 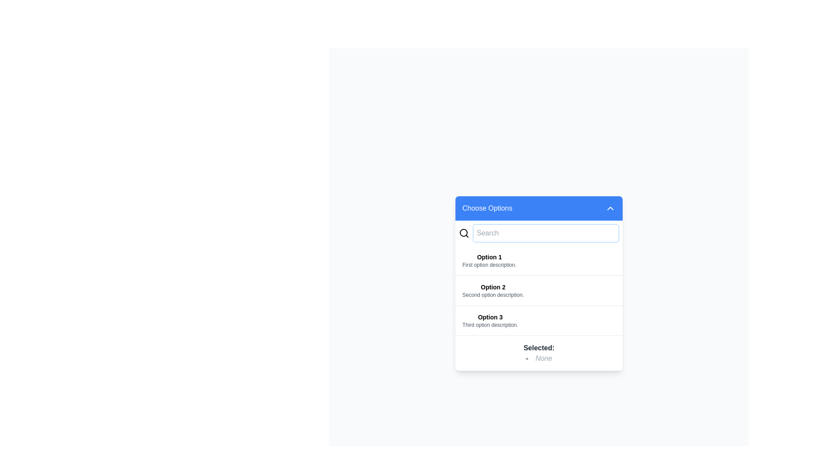 What do you see at coordinates (539, 358) in the screenshot?
I see `text content of the label styled in italic gray font, displaying 'None', located under the section titled 'Selected:'` at bounding box center [539, 358].